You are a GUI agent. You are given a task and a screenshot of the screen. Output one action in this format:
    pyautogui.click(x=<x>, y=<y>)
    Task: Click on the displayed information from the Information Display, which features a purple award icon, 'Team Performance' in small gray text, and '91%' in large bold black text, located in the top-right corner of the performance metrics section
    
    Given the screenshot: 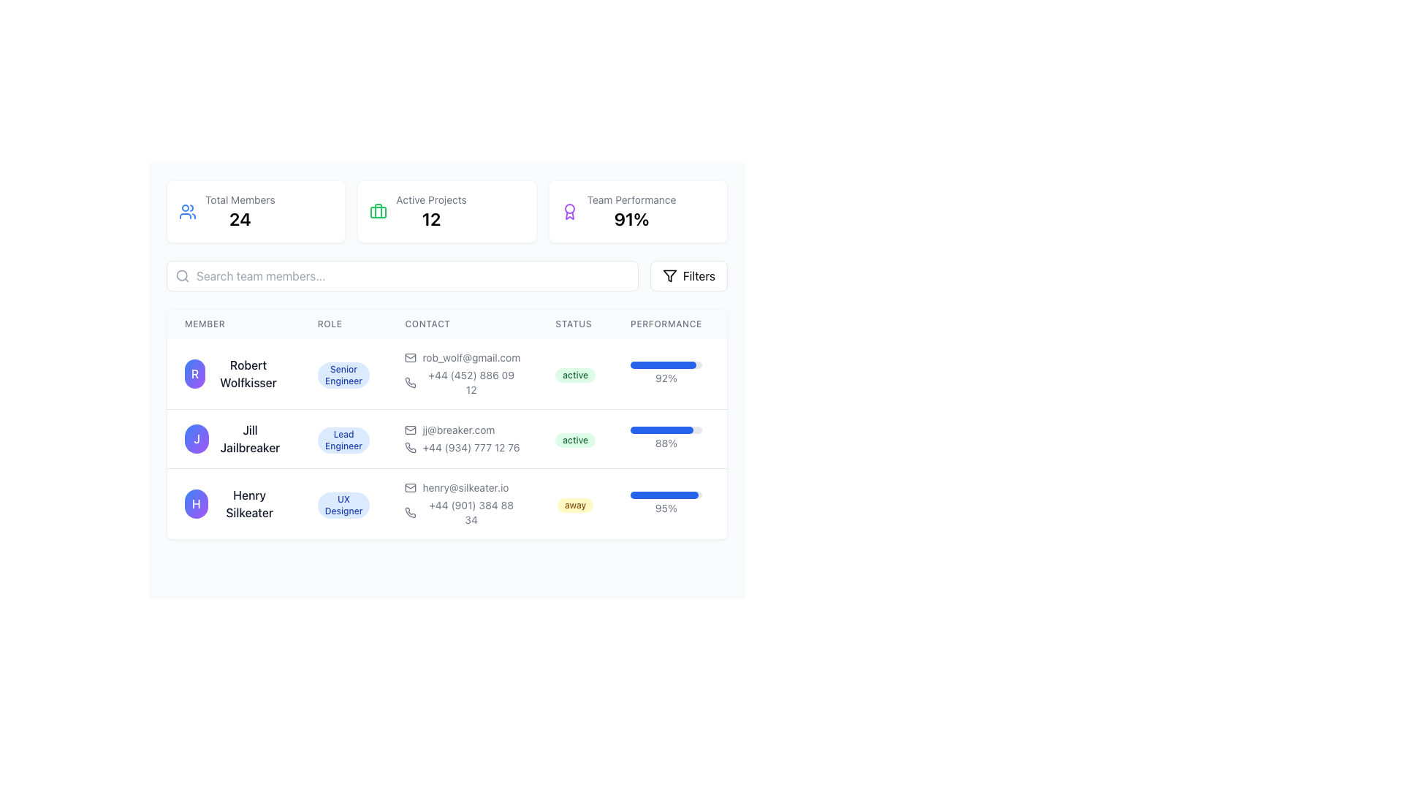 What is the action you would take?
    pyautogui.click(x=638, y=211)
    